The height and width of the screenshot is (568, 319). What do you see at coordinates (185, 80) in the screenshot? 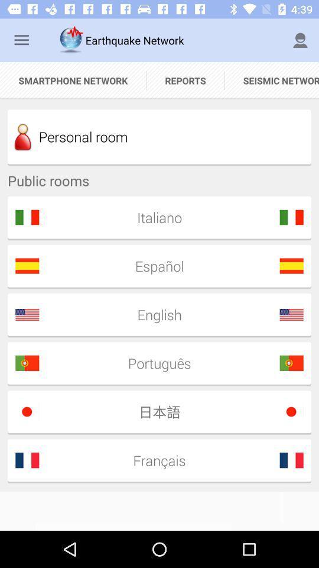
I see `the icon to the left of seismic networks app` at bounding box center [185, 80].